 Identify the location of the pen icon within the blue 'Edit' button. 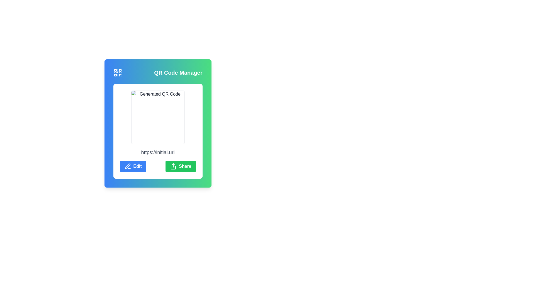
(127, 166).